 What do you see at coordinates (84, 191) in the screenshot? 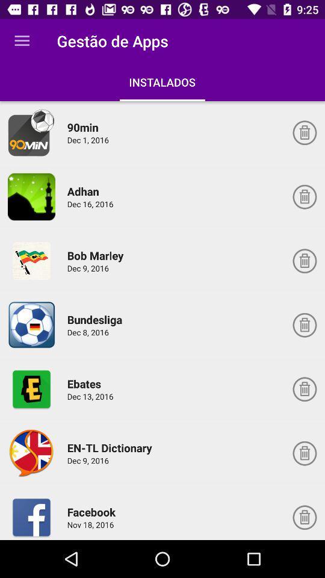
I see `the item above the dec 16, 2016 item` at bounding box center [84, 191].